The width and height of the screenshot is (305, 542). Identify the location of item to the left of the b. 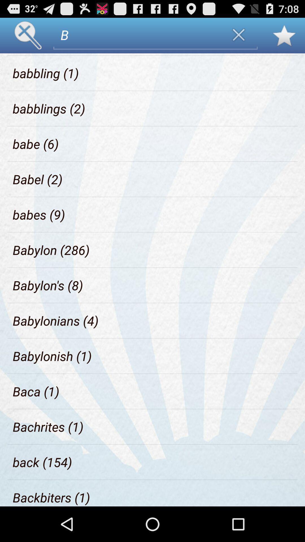
(40, 54).